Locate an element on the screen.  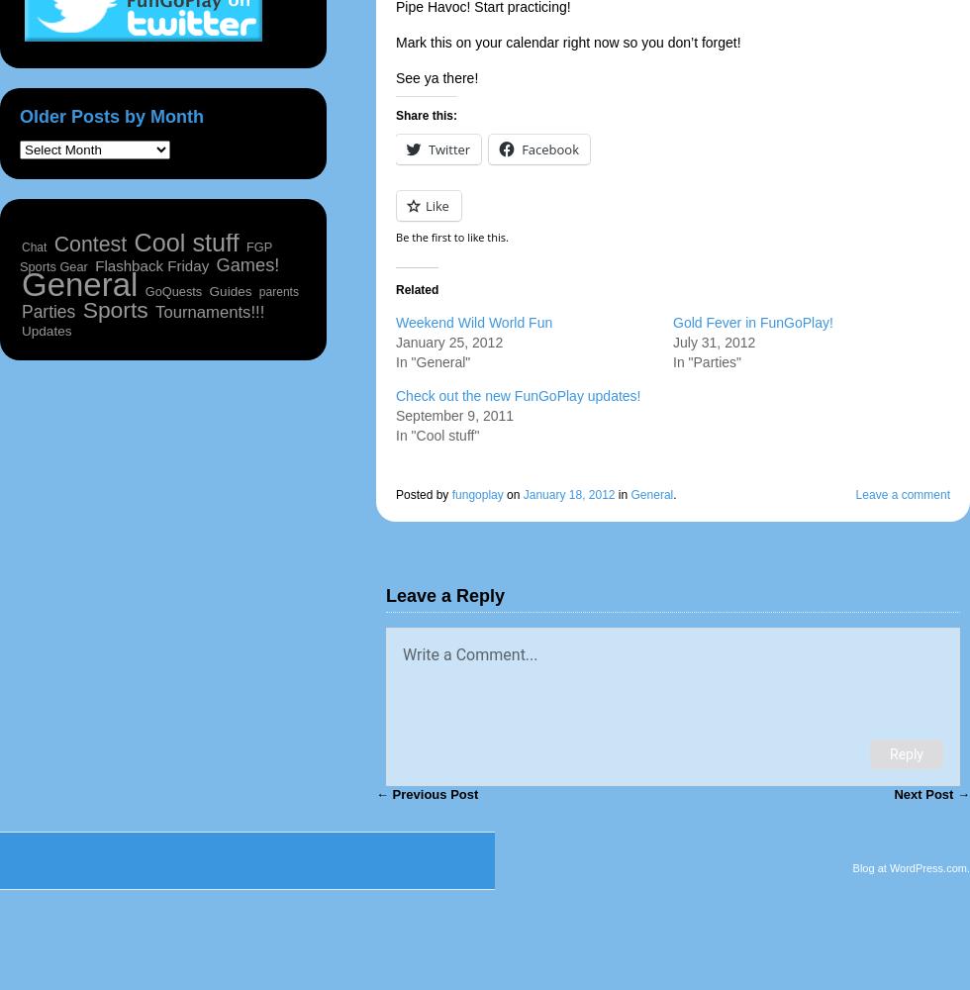
'Leave a comment' is located at coordinates (902, 495).